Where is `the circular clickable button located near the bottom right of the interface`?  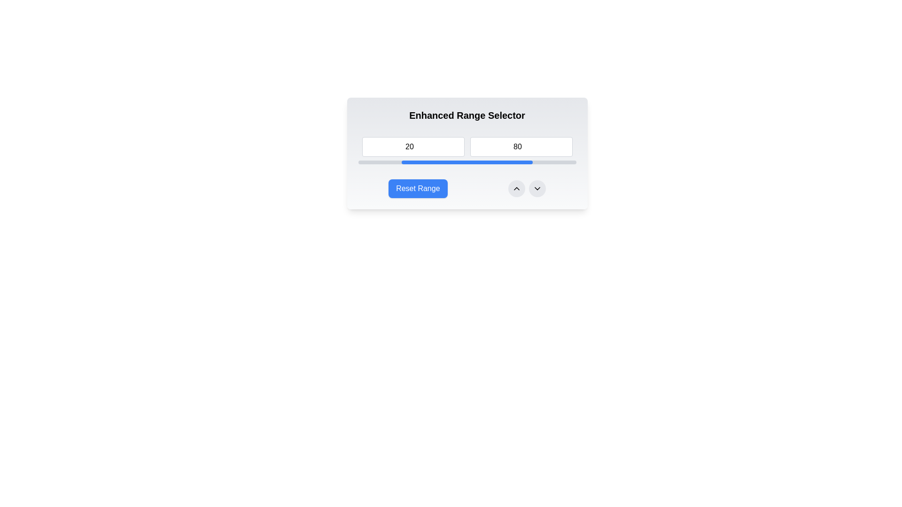 the circular clickable button located near the bottom right of the interface is located at coordinates (516, 188).